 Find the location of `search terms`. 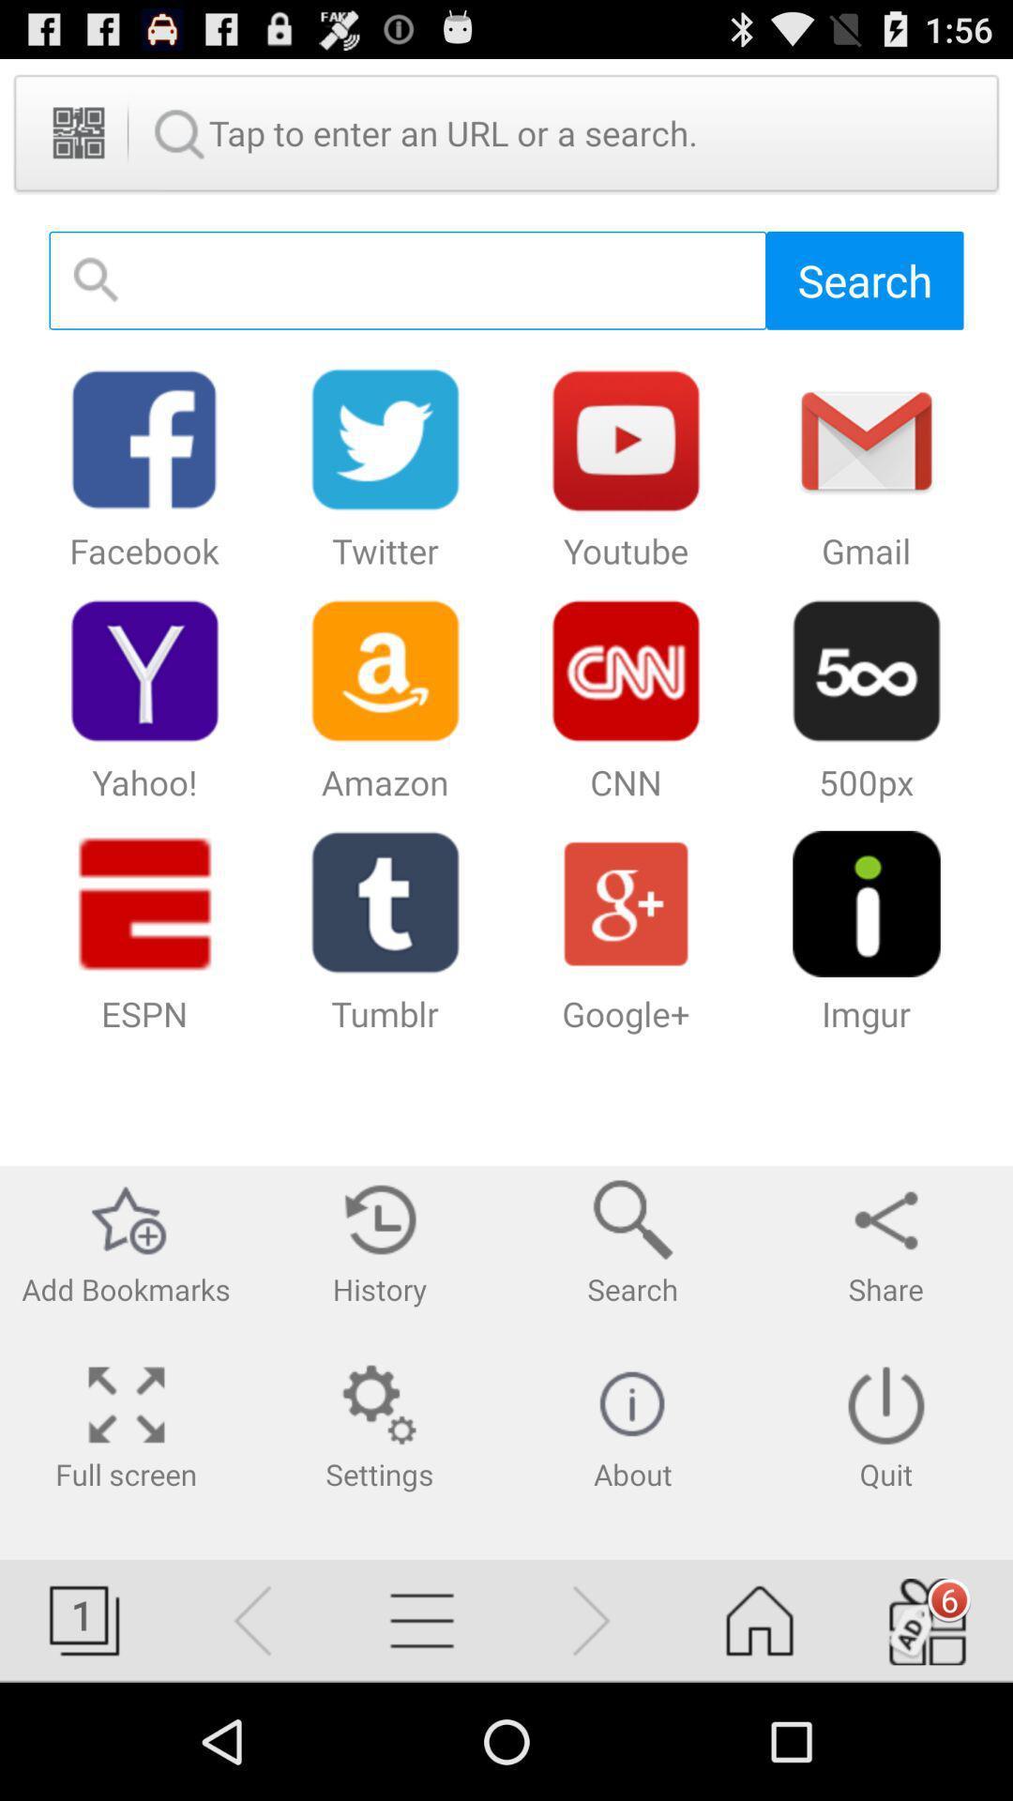

search terms is located at coordinates (407, 280).